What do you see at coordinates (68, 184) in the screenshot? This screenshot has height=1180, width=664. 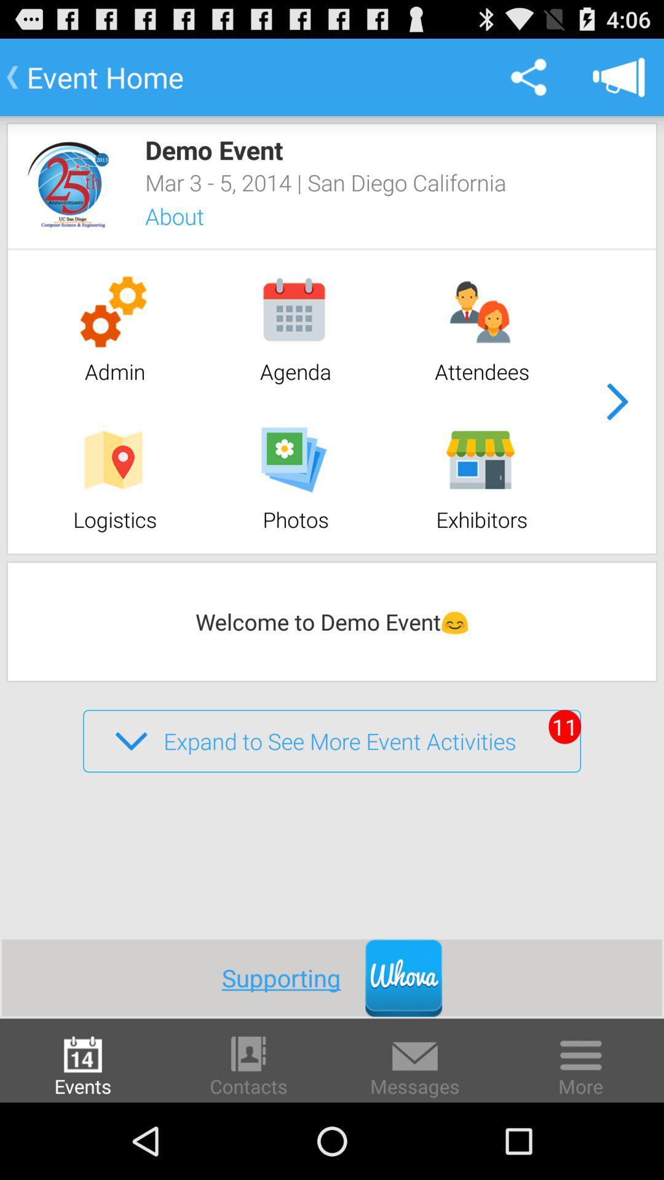 I see `demo event homepage` at bounding box center [68, 184].